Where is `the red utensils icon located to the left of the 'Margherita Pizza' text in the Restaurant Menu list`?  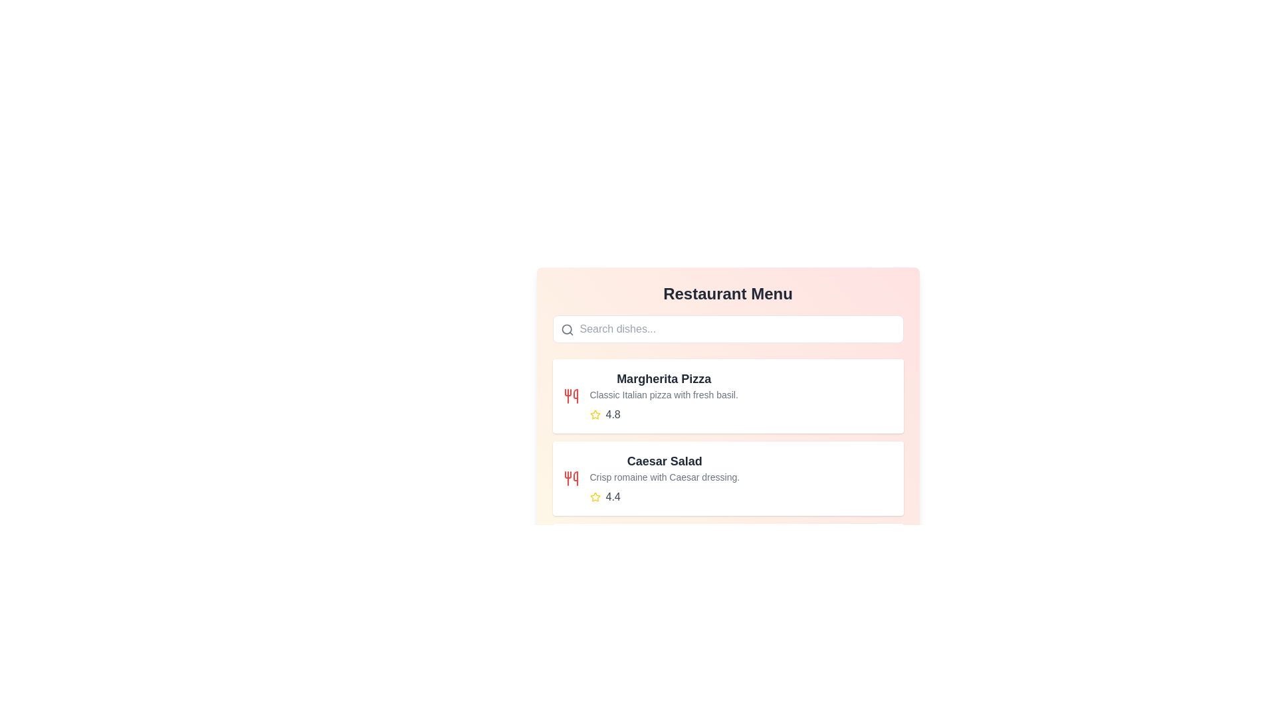 the red utensils icon located to the left of the 'Margherita Pizza' text in the Restaurant Menu list is located at coordinates (571, 396).